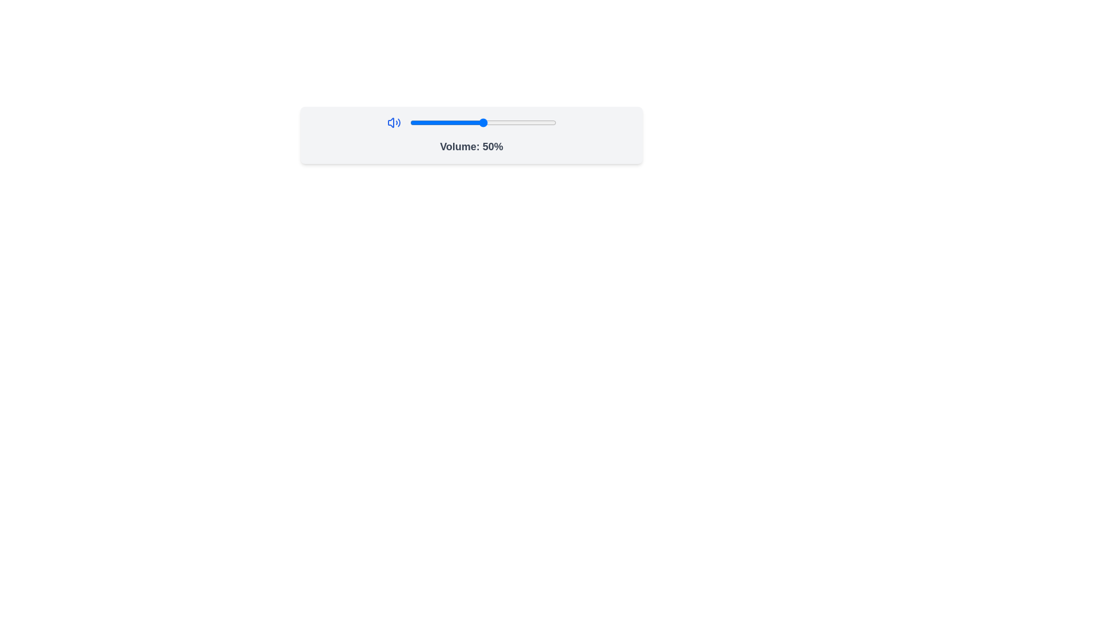 The width and height of the screenshot is (1097, 617). I want to click on the volume, so click(522, 123).